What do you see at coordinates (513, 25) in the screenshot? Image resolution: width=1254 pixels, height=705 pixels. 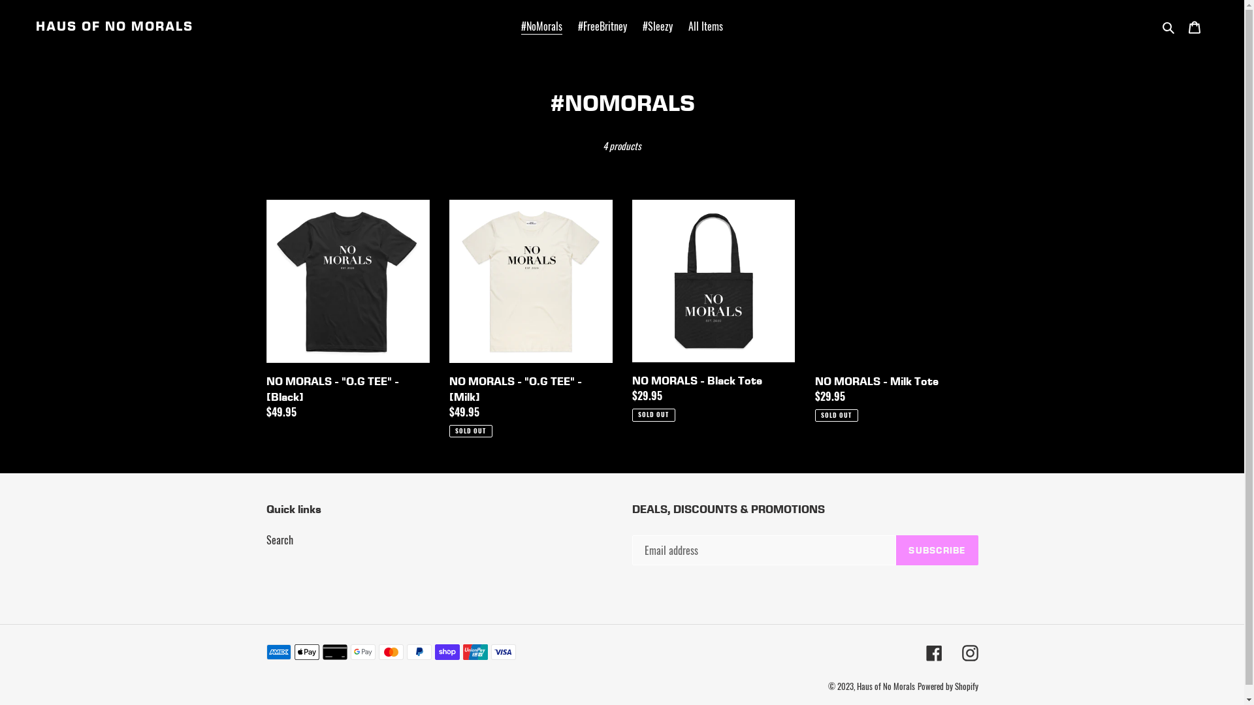 I see `'#NoMorals'` at bounding box center [513, 25].